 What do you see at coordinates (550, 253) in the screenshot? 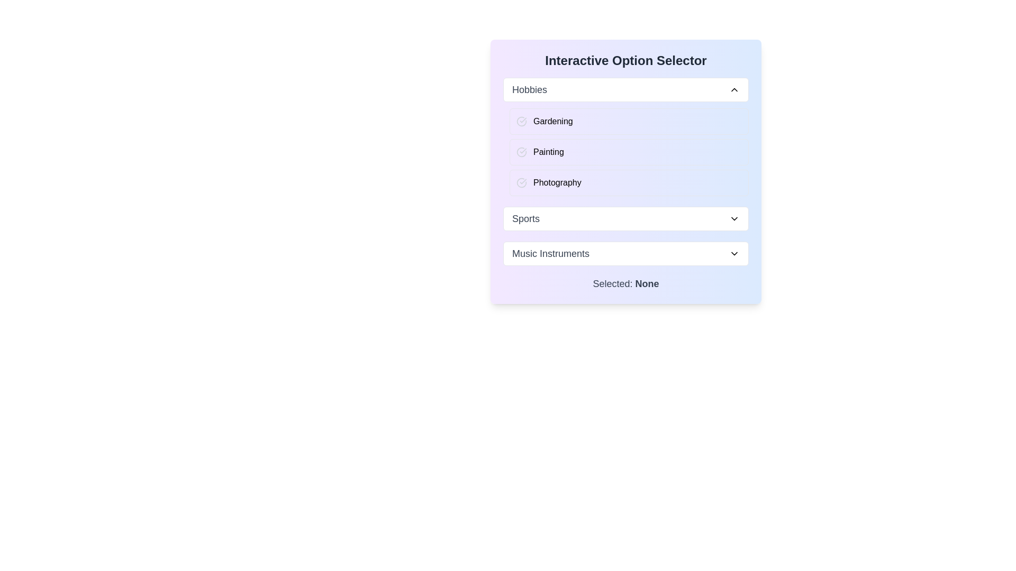
I see `the 'Music Instruments' text label located in the 'Sports' dropdown within the 'Interactive Option Selector'` at bounding box center [550, 253].